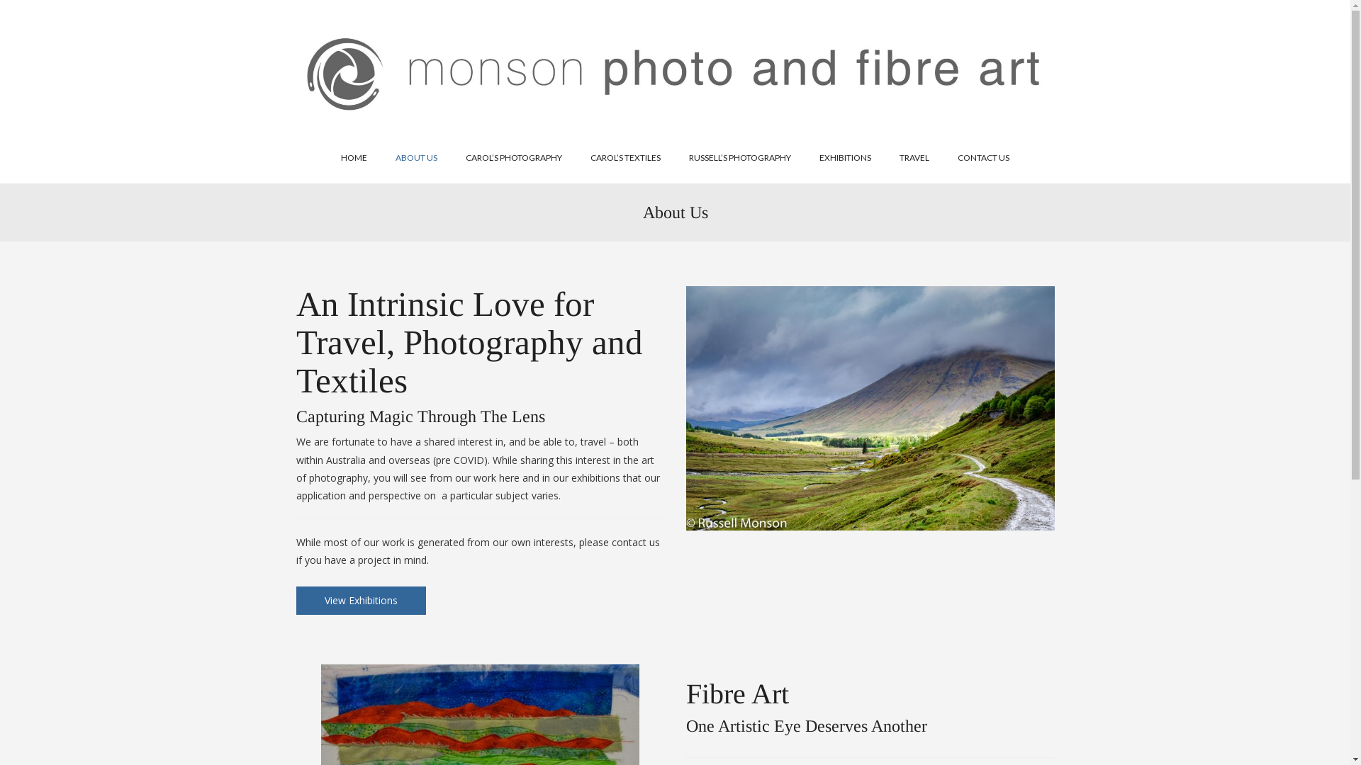 The height and width of the screenshot is (765, 1361). What do you see at coordinates (943, 158) in the screenshot?
I see `'CONTACT US'` at bounding box center [943, 158].